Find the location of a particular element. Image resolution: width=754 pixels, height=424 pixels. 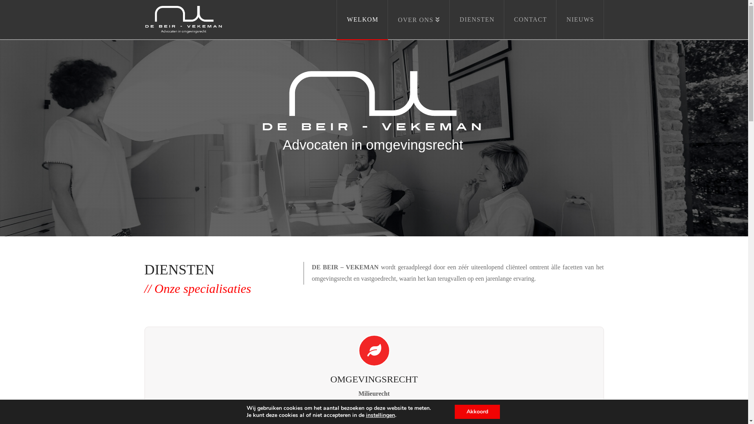

'WELKOM' is located at coordinates (337, 19).